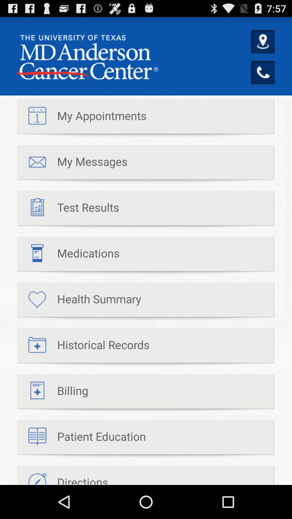  I want to click on the icon below the patient education, so click(62, 475).